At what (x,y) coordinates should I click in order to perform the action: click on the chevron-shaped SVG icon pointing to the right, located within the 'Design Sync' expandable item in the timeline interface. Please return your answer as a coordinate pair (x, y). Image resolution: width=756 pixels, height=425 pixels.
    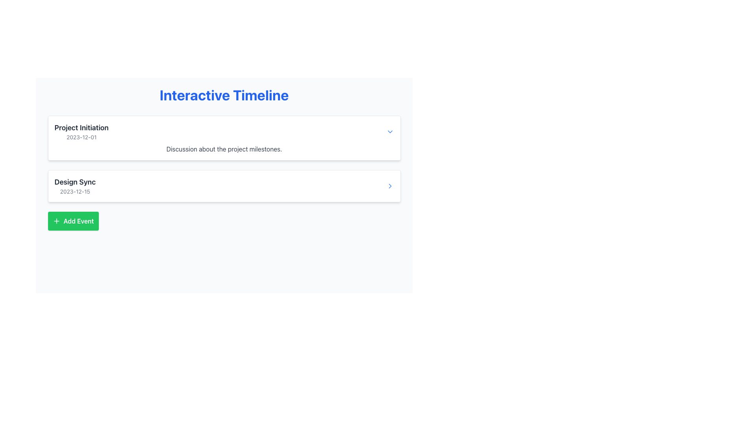
    Looking at the image, I should click on (390, 186).